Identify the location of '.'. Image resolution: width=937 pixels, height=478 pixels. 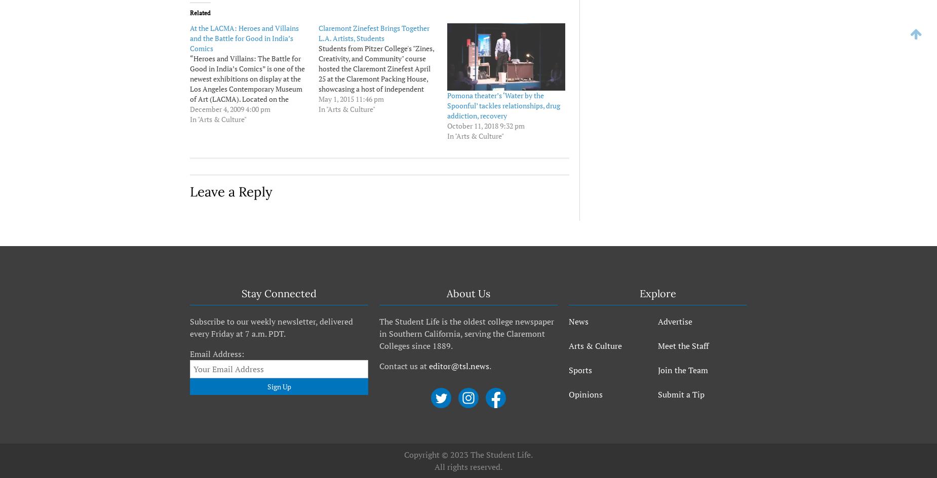
(489, 366).